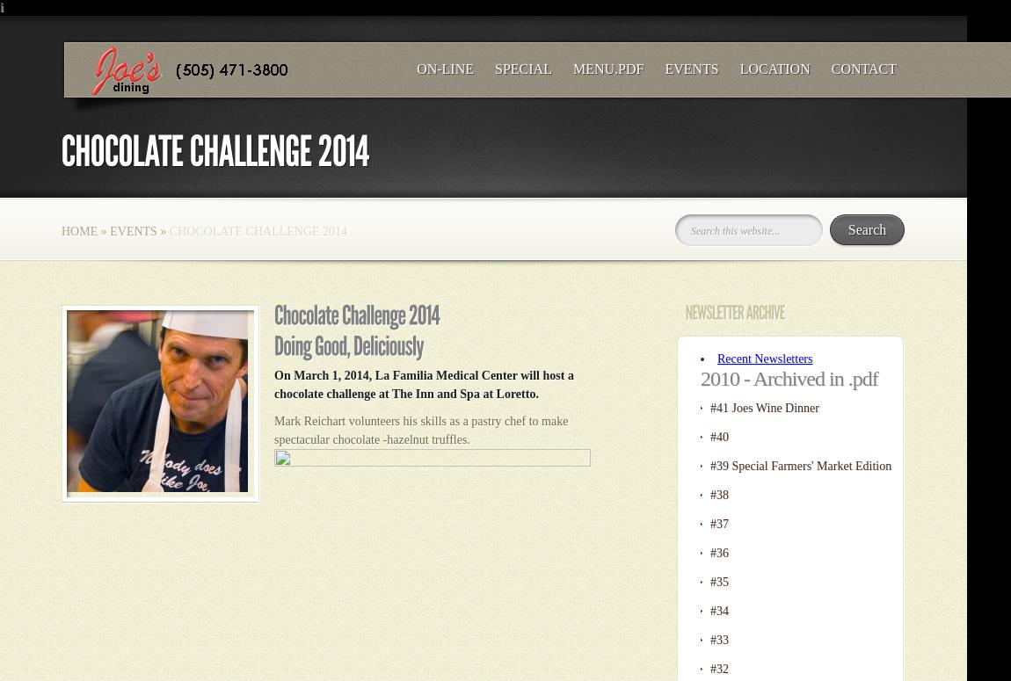 The image size is (1011, 681). What do you see at coordinates (420, 430) in the screenshot?
I see `'Mark Reichart volunteers his skills as a pastry chef to make spectacular chocolate -hazelnut truffles.'` at bounding box center [420, 430].